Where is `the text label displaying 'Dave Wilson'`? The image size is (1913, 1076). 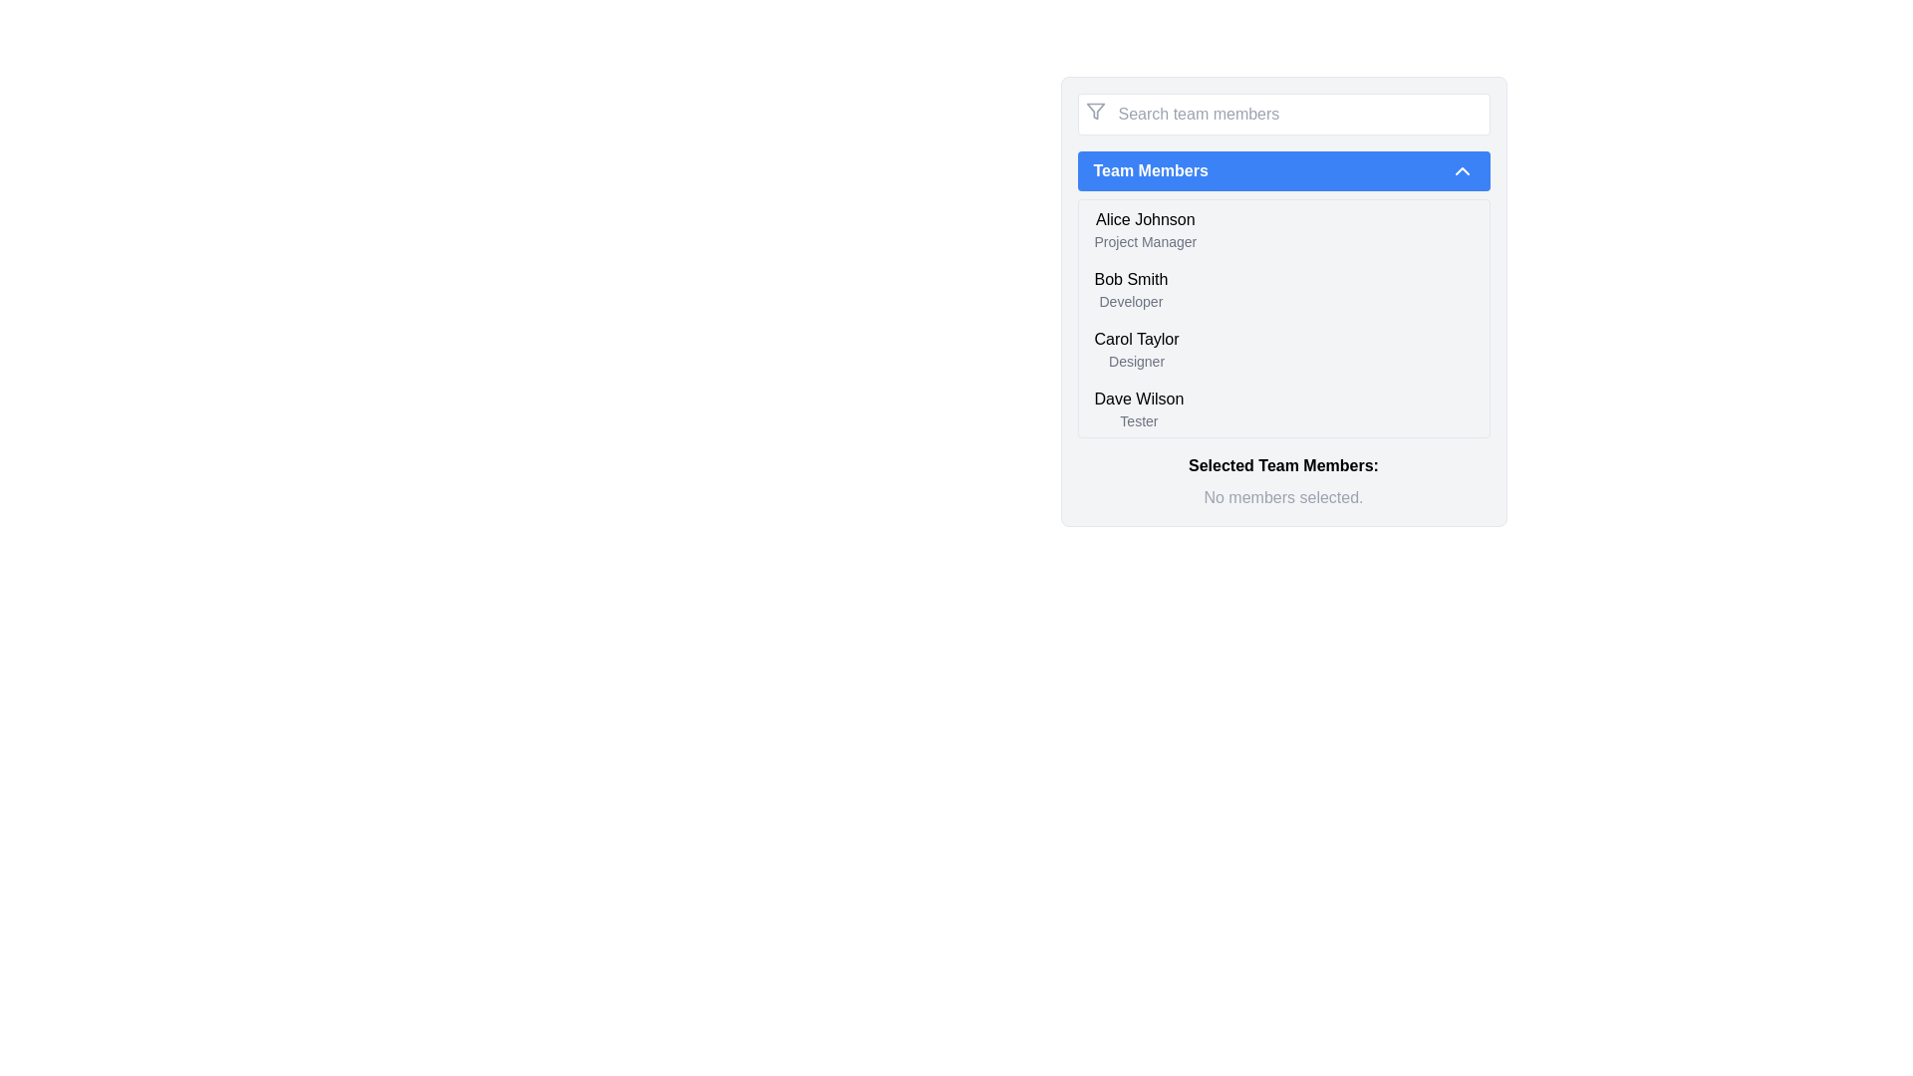
the text label displaying 'Dave Wilson' is located at coordinates (1139, 408).